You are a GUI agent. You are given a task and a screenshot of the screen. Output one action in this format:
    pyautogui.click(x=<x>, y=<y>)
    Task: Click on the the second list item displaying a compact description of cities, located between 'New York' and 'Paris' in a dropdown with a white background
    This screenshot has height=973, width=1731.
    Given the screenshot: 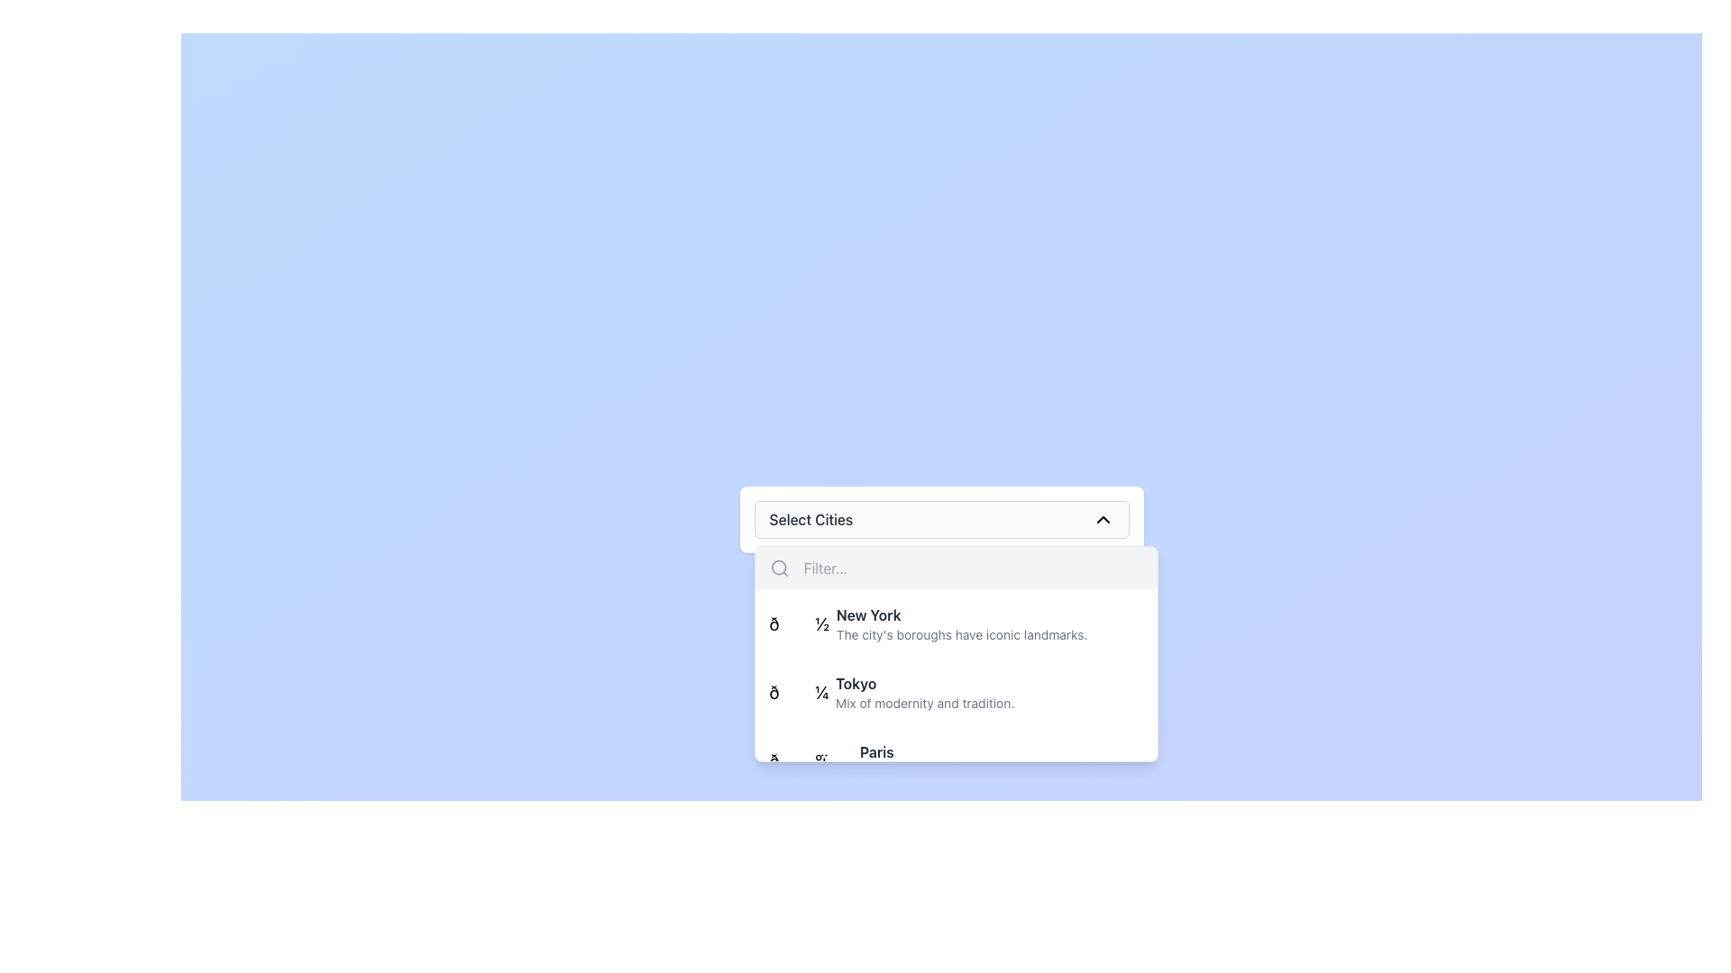 What is the action you would take?
    pyautogui.click(x=955, y=725)
    